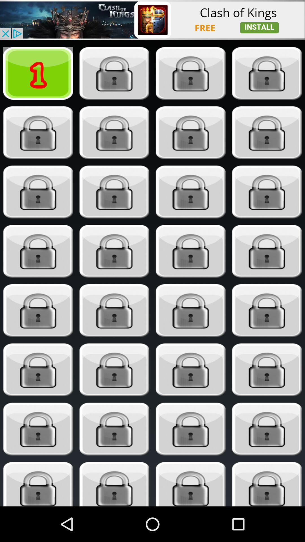 The image size is (305, 542). I want to click on unlock next item, so click(114, 73).